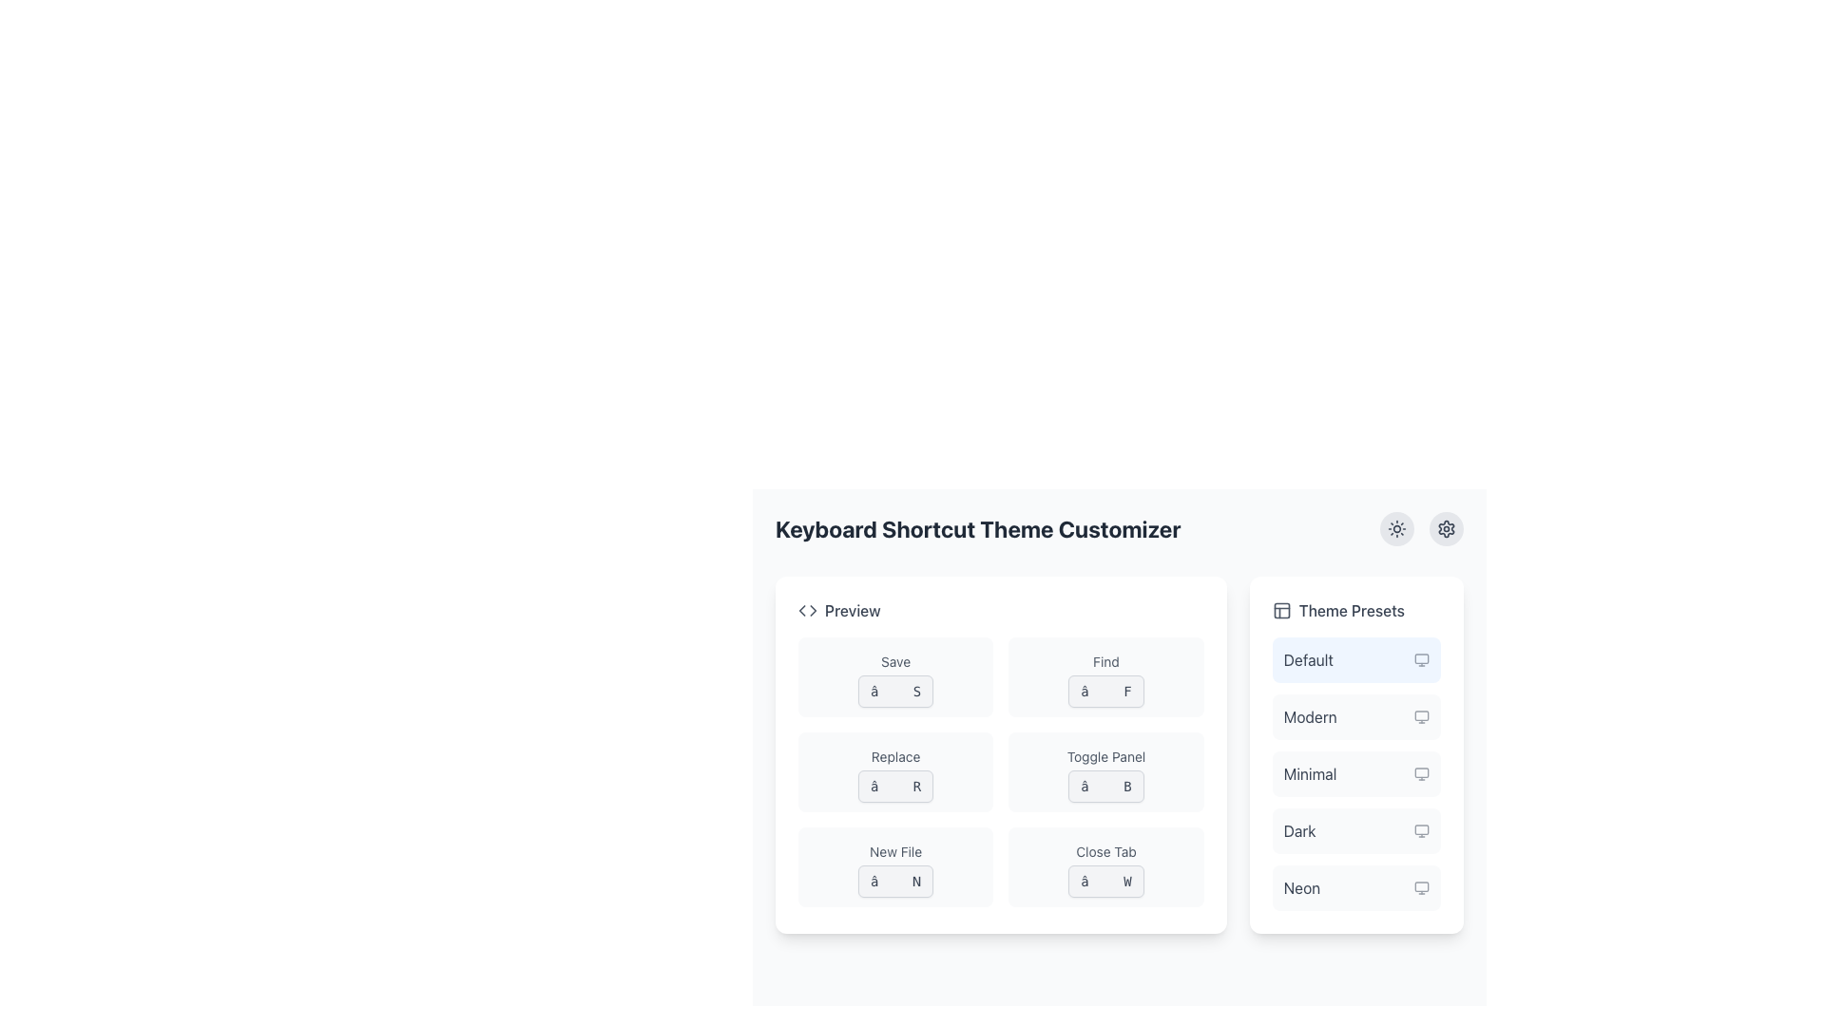  What do you see at coordinates (894, 772) in the screenshot?
I see `the button labeled 'Replace' which is located in the left column of the second row of the grid layout, featuring a light gray background and two lines of text` at bounding box center [894, 772].